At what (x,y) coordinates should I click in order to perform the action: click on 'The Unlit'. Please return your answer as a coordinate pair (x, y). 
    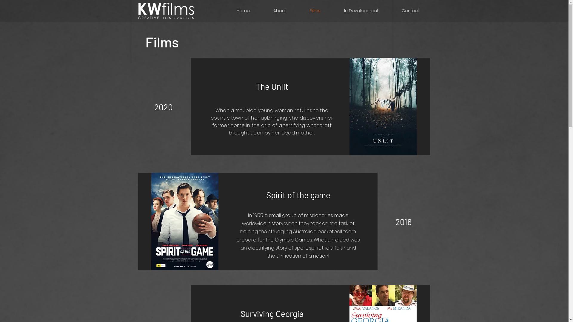
    Looking at the image, I should click on (255, 86).